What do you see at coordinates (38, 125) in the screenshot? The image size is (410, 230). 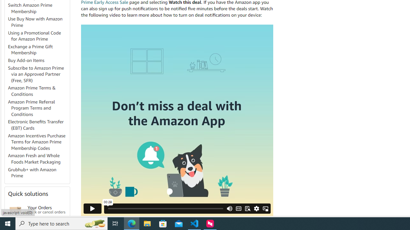 I see `'Electronic Benefits Transfer (EBT) Cards'` at bounding box center [38, 125].